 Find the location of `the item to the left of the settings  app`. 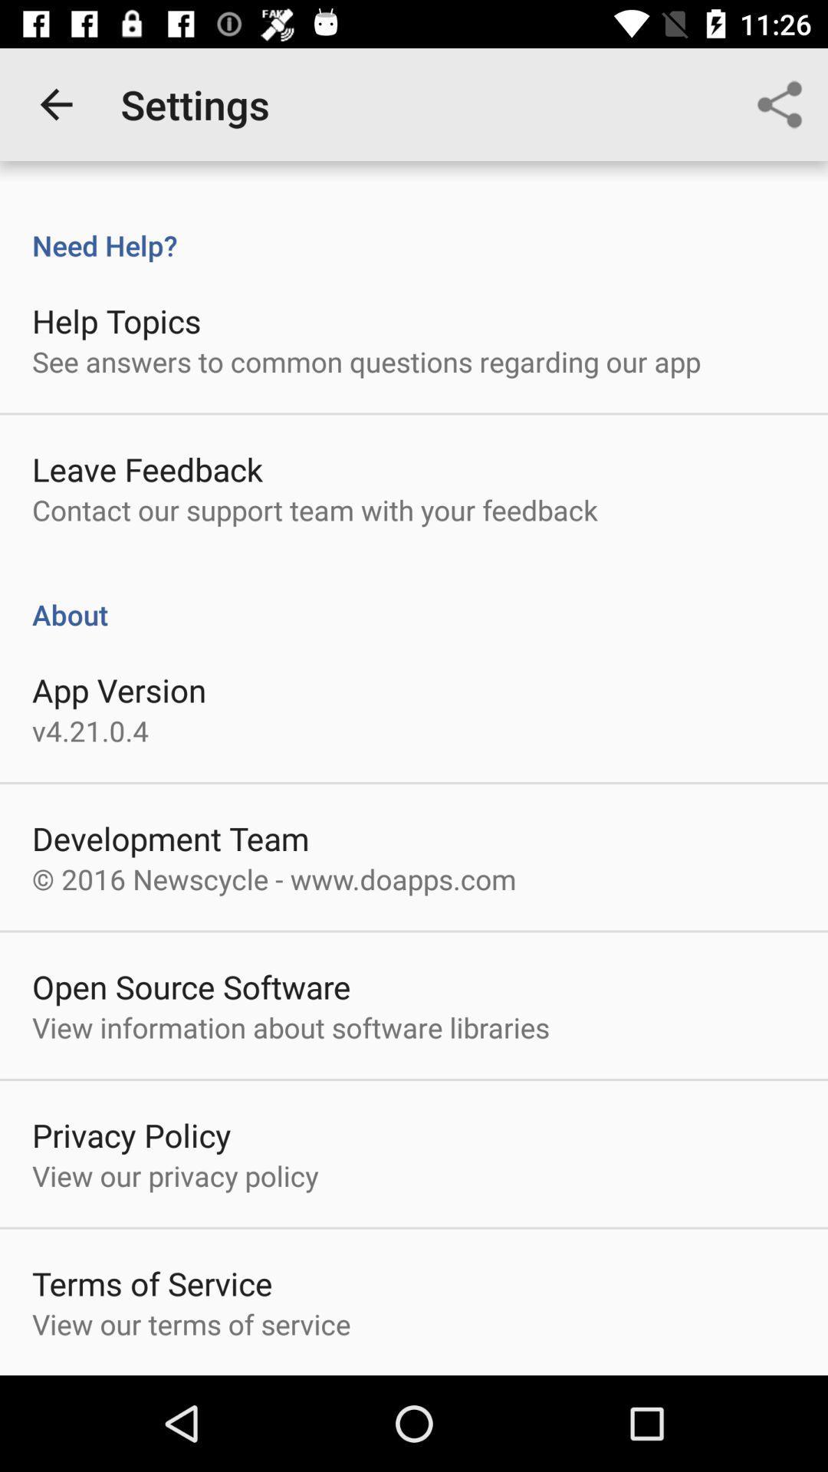

the item to the left of the settings  app is located at coordinates (55, 103).